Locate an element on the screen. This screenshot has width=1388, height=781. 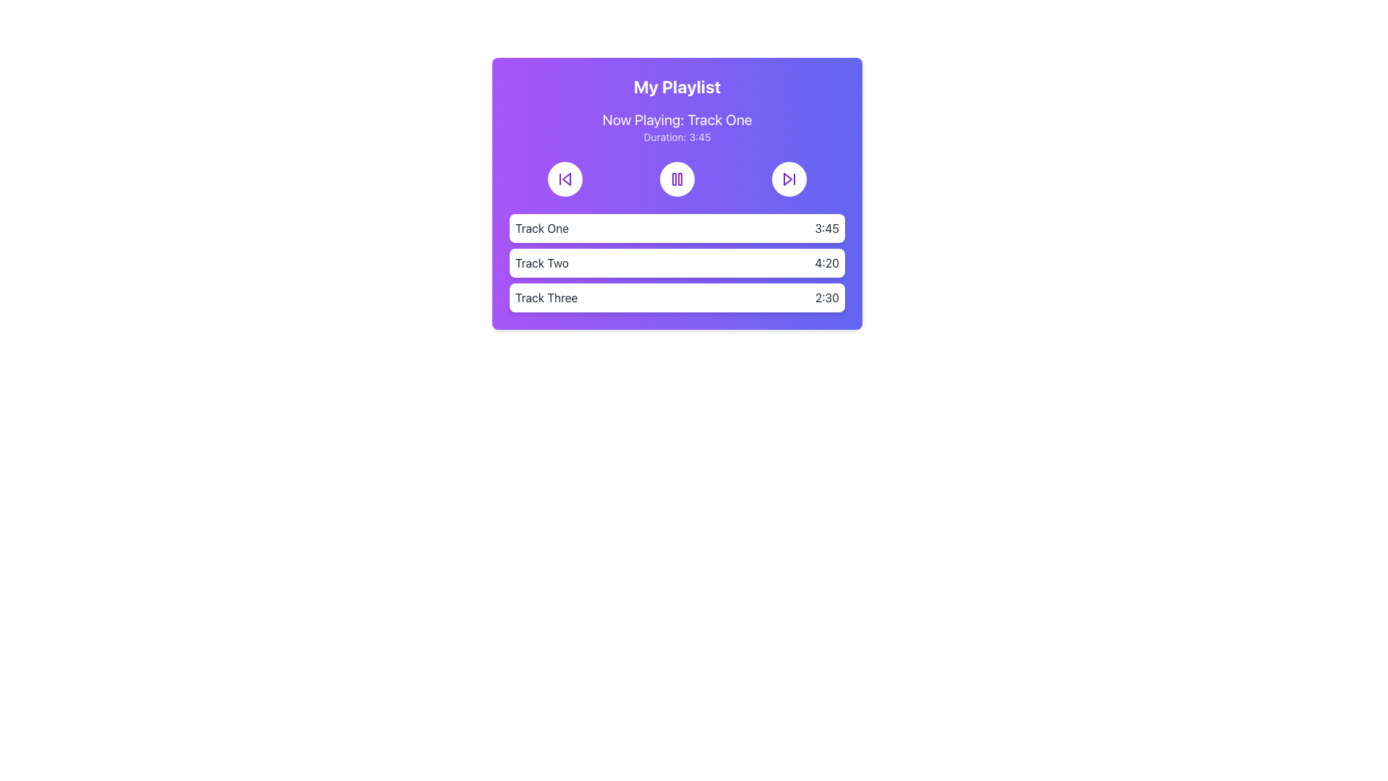
the static text label displaying the duration of 'Track Two', which is the second time display in a vertically arranged list of track rows, located to the far right and aligned with the 'Track Two' text is located at coordinates (827, 263).